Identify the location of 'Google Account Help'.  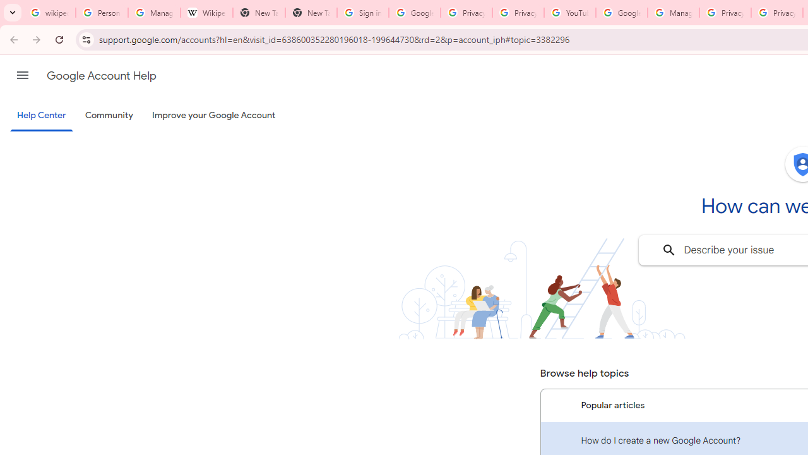
(101, 75).